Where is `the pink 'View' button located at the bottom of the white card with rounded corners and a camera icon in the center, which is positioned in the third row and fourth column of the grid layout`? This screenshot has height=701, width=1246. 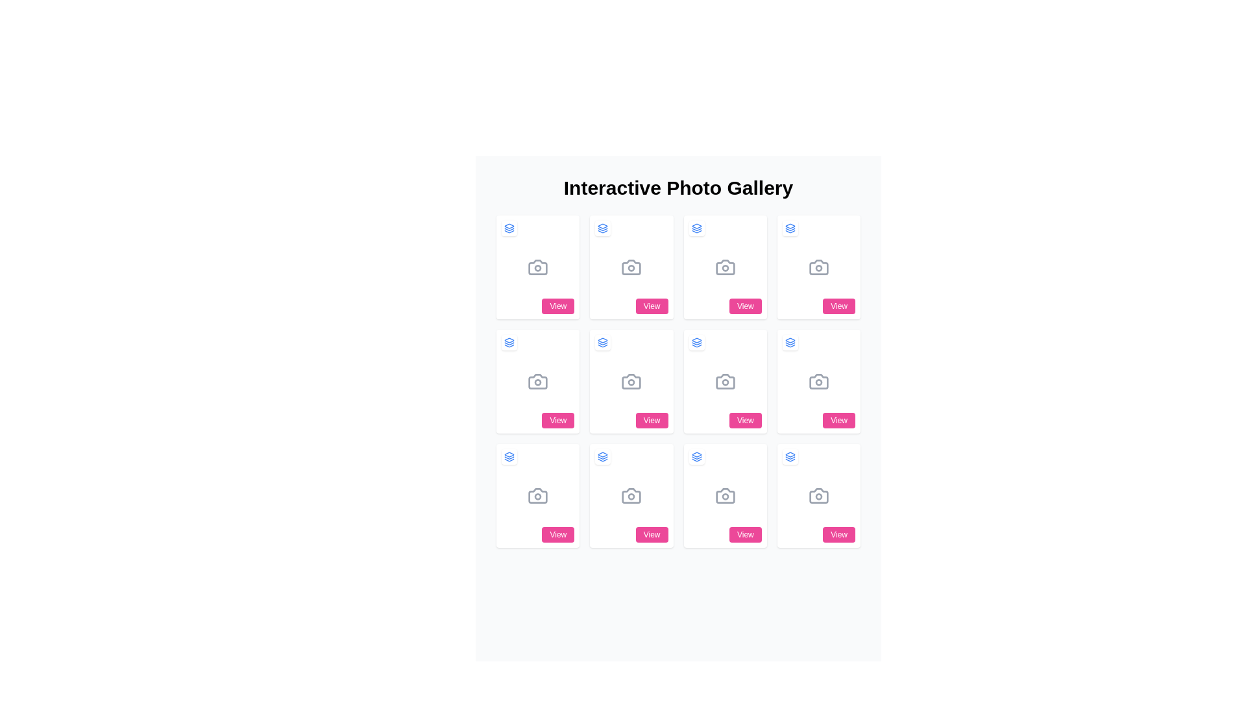 the pink 'View' button located at the bottom of the white card with rounded corners and a camera icon in the center, which is positioned in the third row and fourth column of the grid layout is located at coordinates (818, 380).